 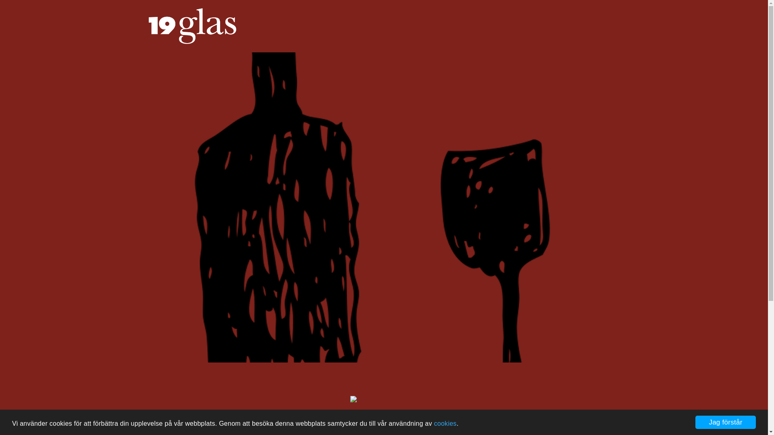 I want to click on 'cookies', so click(x=445, y=423).